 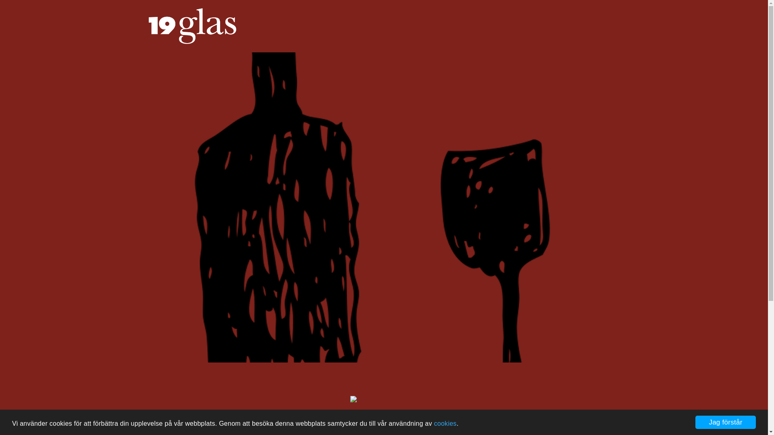 I want to click on 'cookies', so click(x=445, y=423).